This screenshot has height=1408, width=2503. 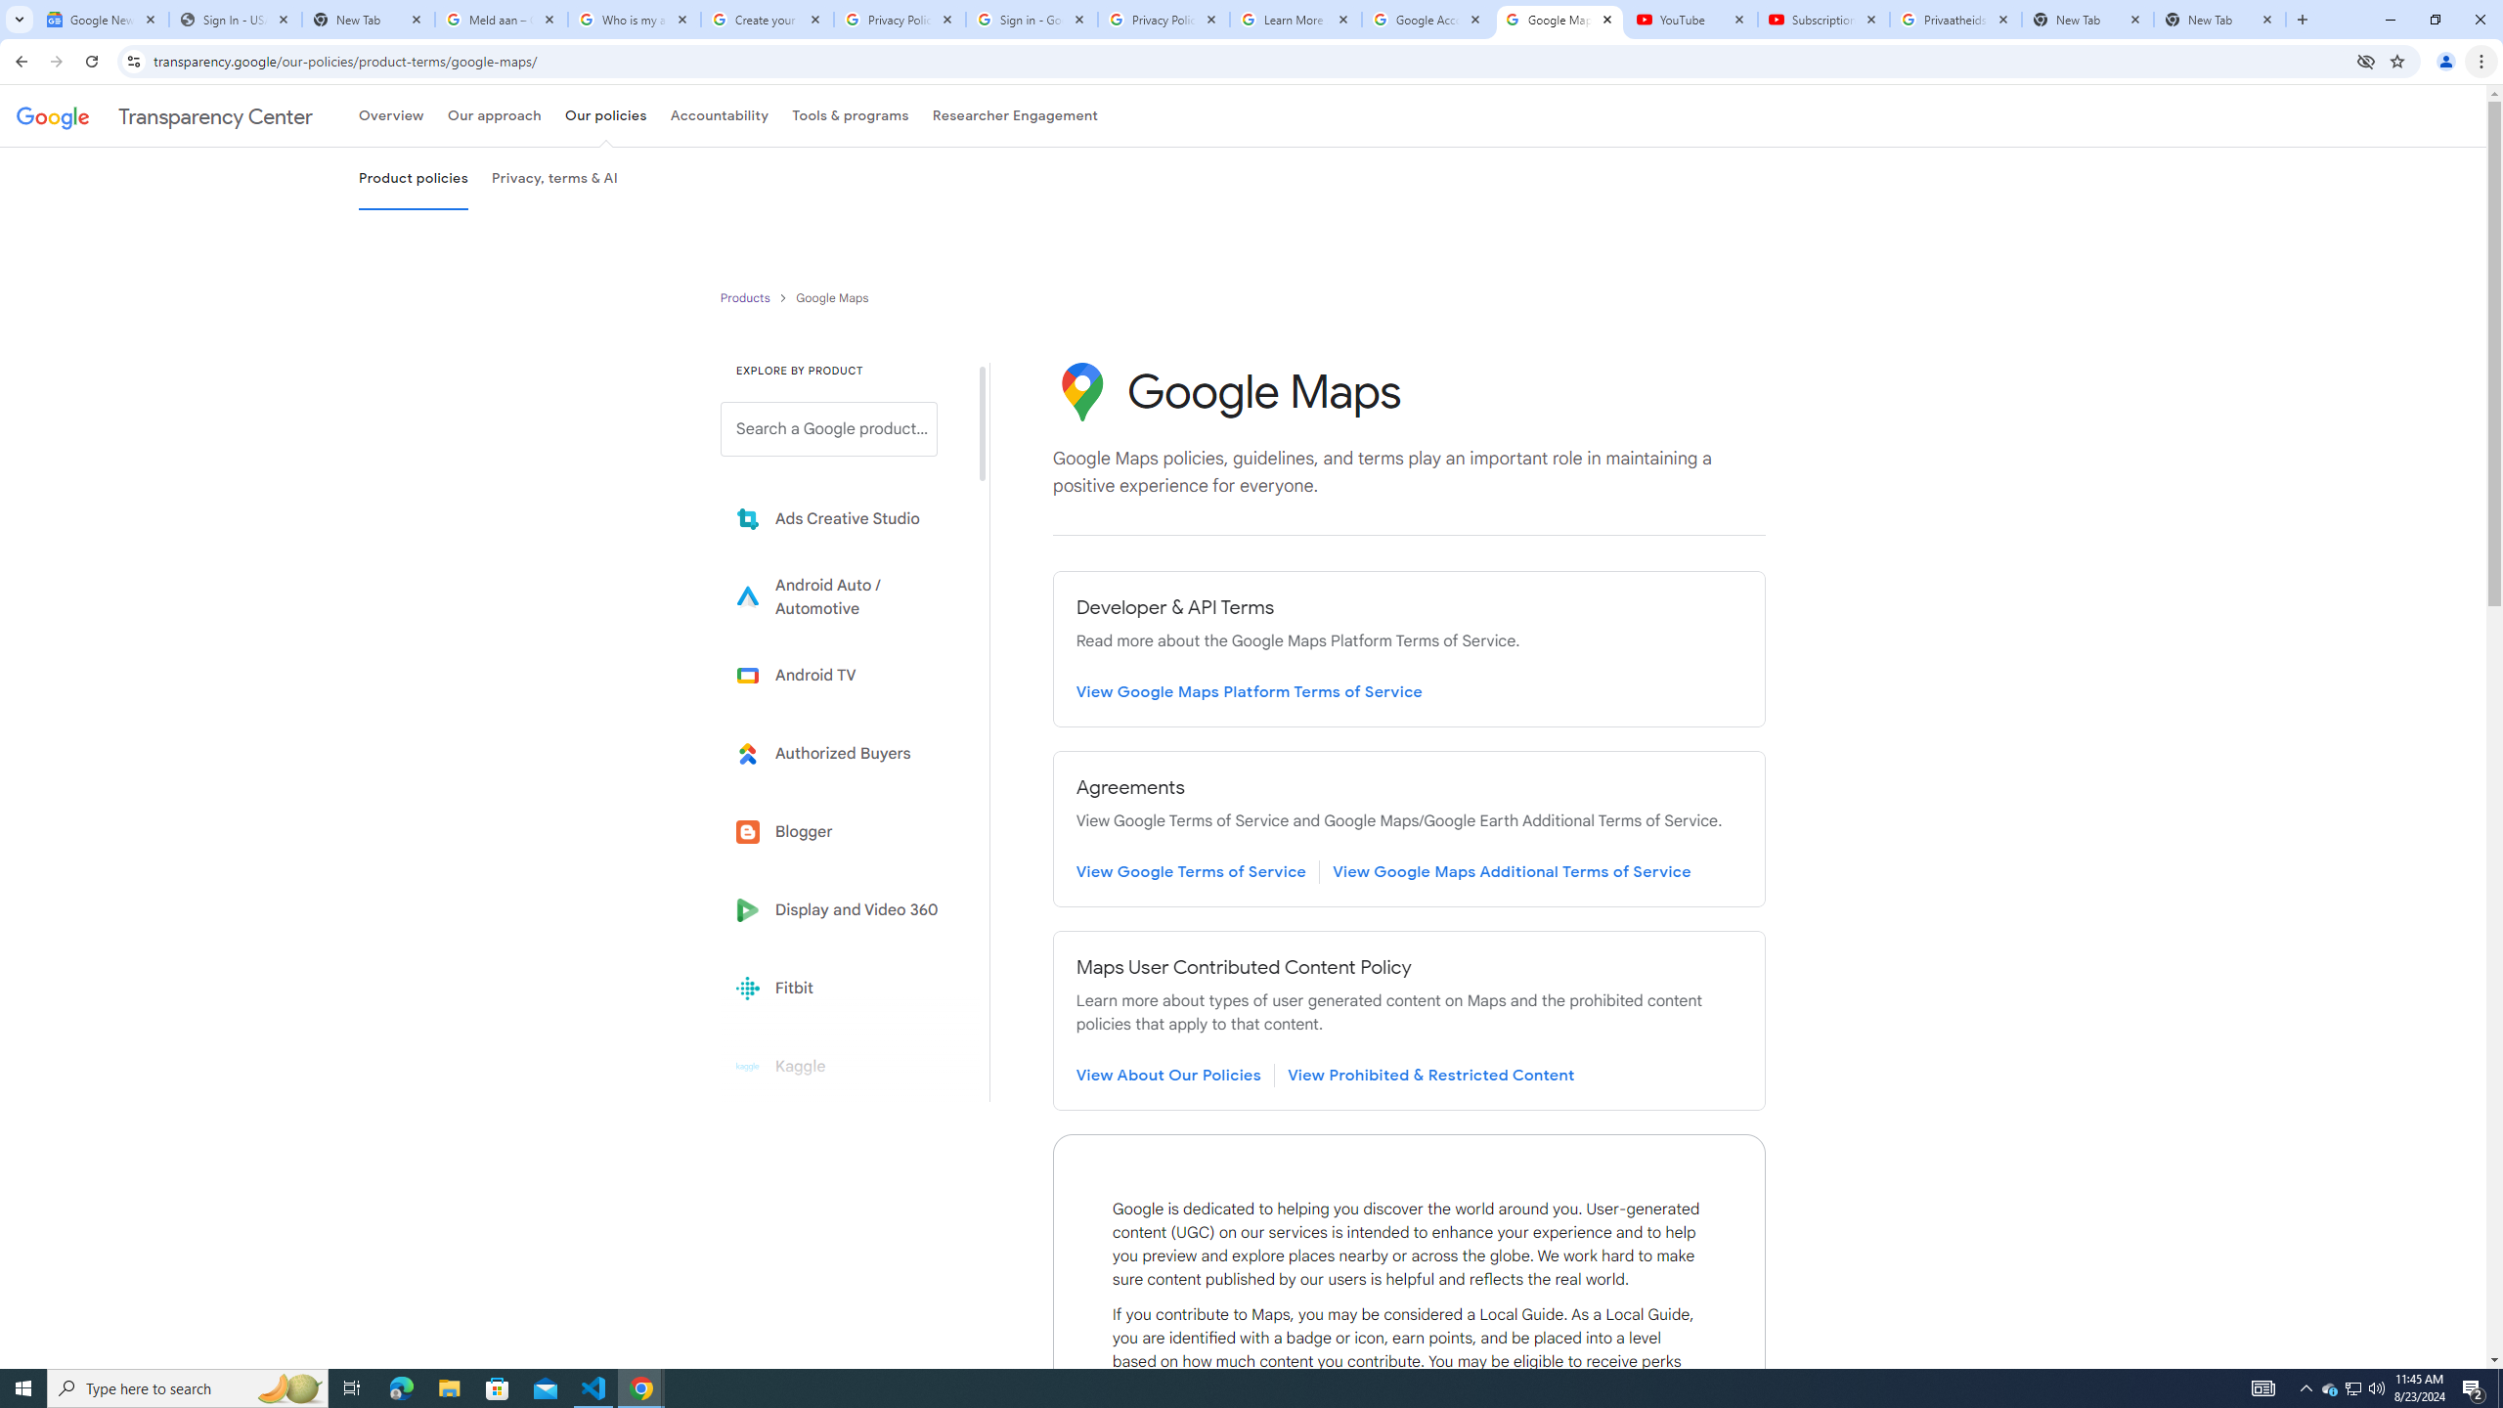 I want to click on 'Learn more about Authorized Buyers', so click(x=842, y=753).